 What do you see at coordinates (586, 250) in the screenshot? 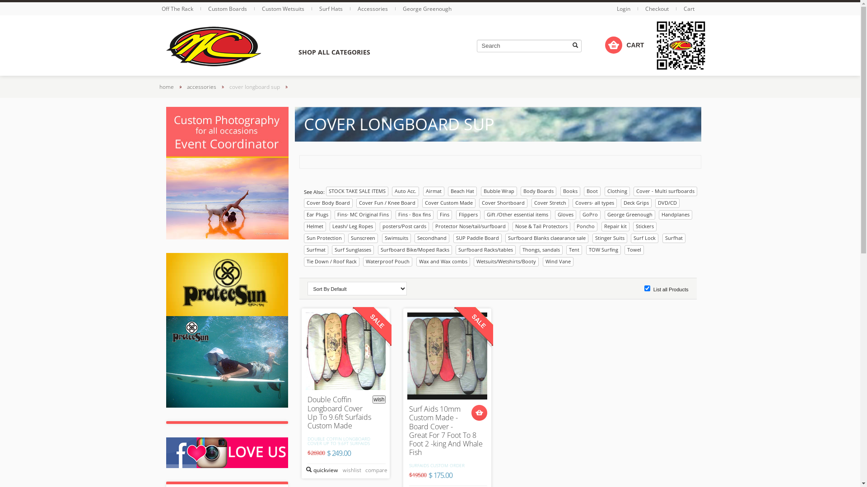
I see `'TOW Surfing'` at bounding box center [586, 250].